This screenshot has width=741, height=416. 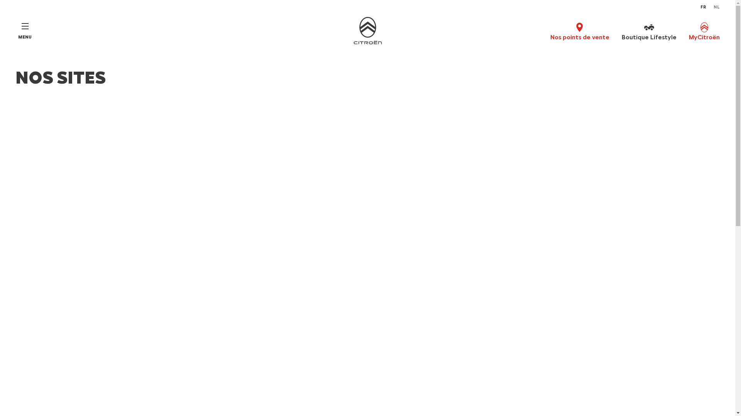 I want to click on 'FR', so click(x=703, y=7).